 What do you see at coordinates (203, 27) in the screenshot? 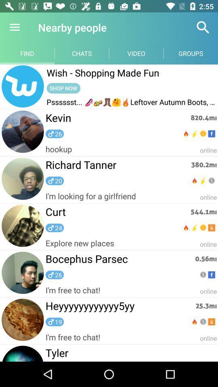
I see `item next to the video item` at bounding box center [203, 27].